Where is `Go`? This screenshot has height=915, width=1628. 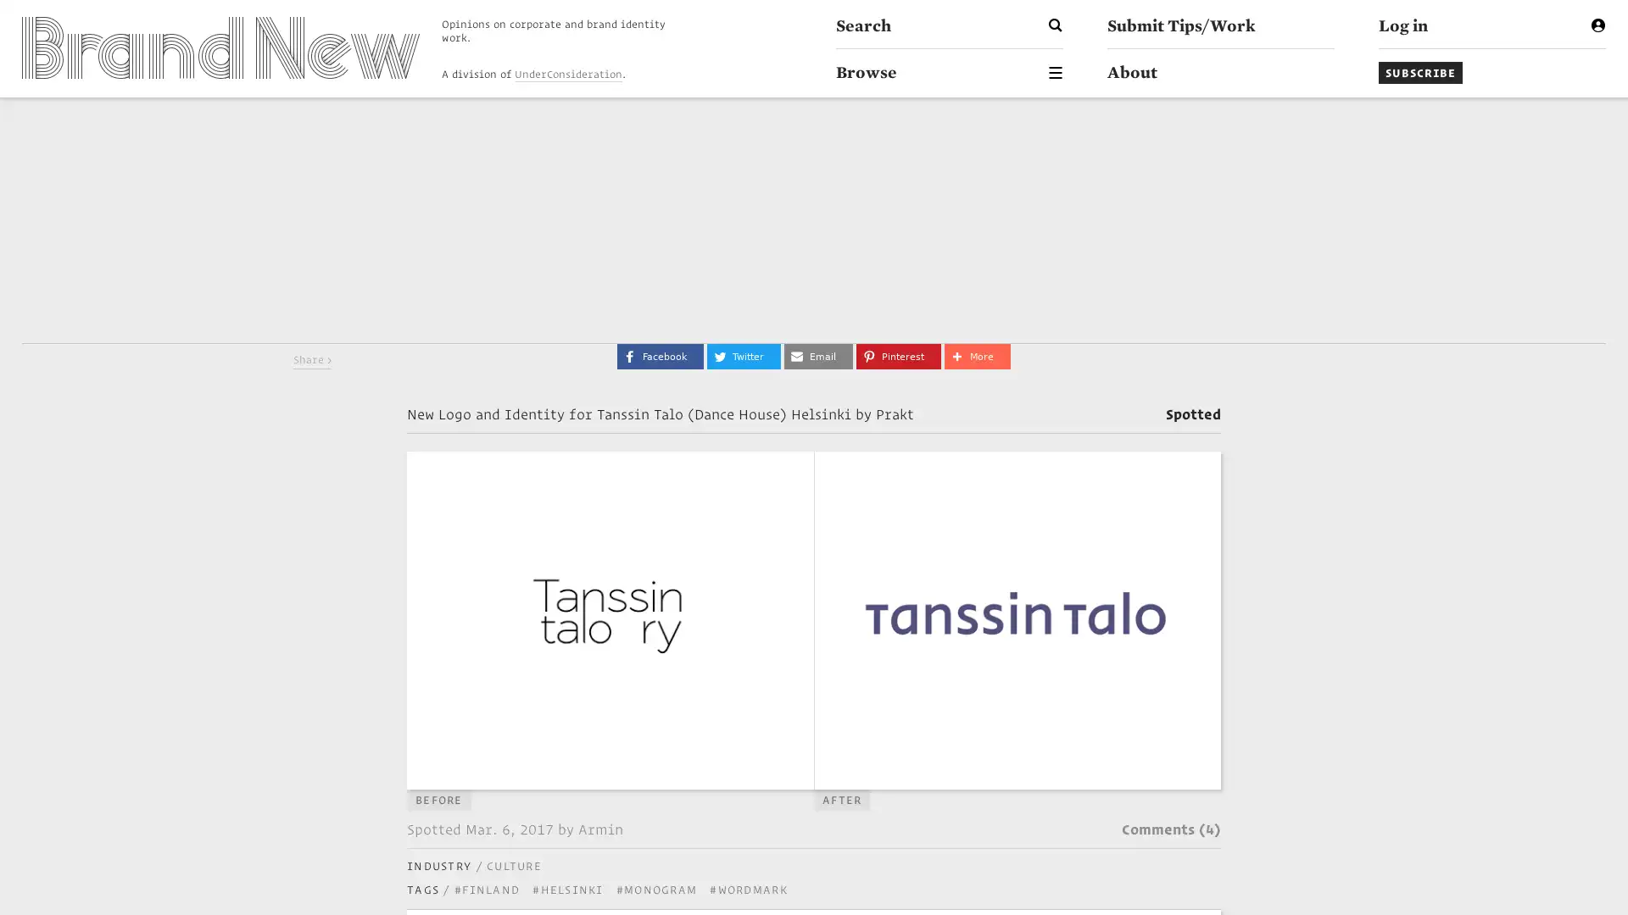 Go is located at coordinates (1296, 145).